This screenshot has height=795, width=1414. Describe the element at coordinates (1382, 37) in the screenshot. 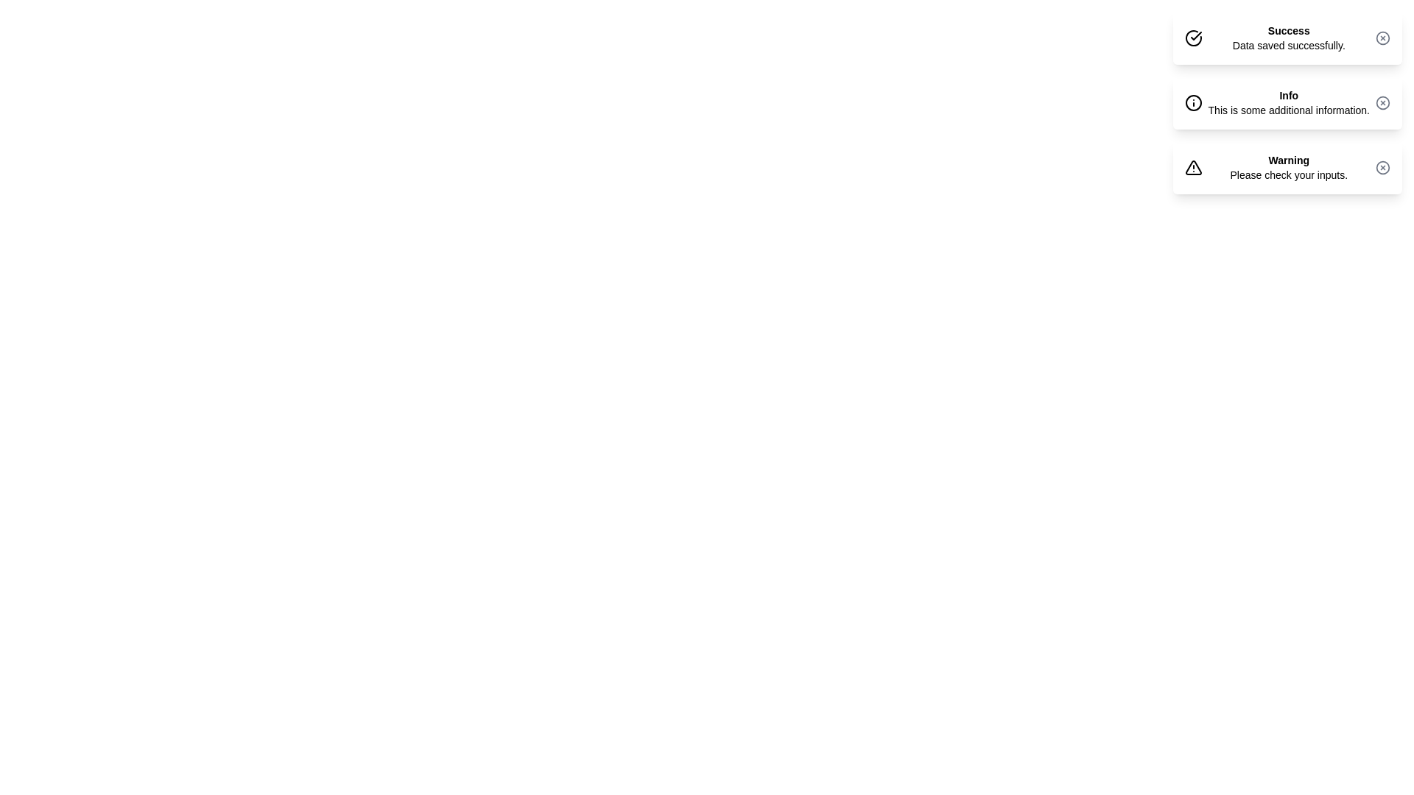

I see `properties of the SVG circle element that acts as a close icon for dismissing the notification labeled 'Success Data saved successfully.'` at that location.